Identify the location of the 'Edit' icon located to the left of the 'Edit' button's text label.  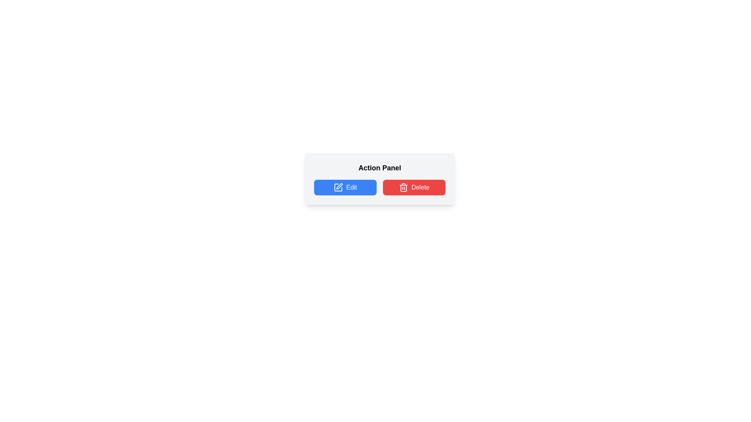
(338, 187).